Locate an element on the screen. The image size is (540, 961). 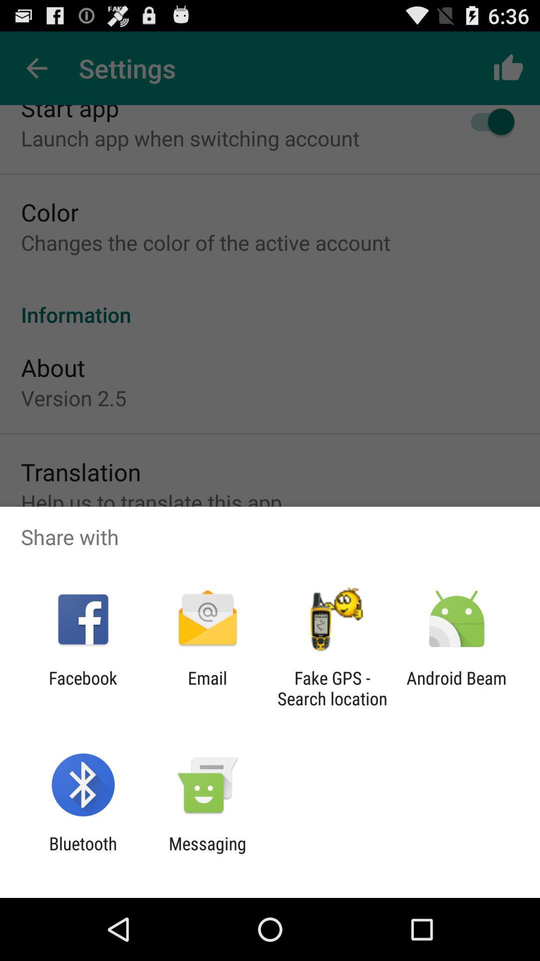
the email app is located at coordinates (207, 688).